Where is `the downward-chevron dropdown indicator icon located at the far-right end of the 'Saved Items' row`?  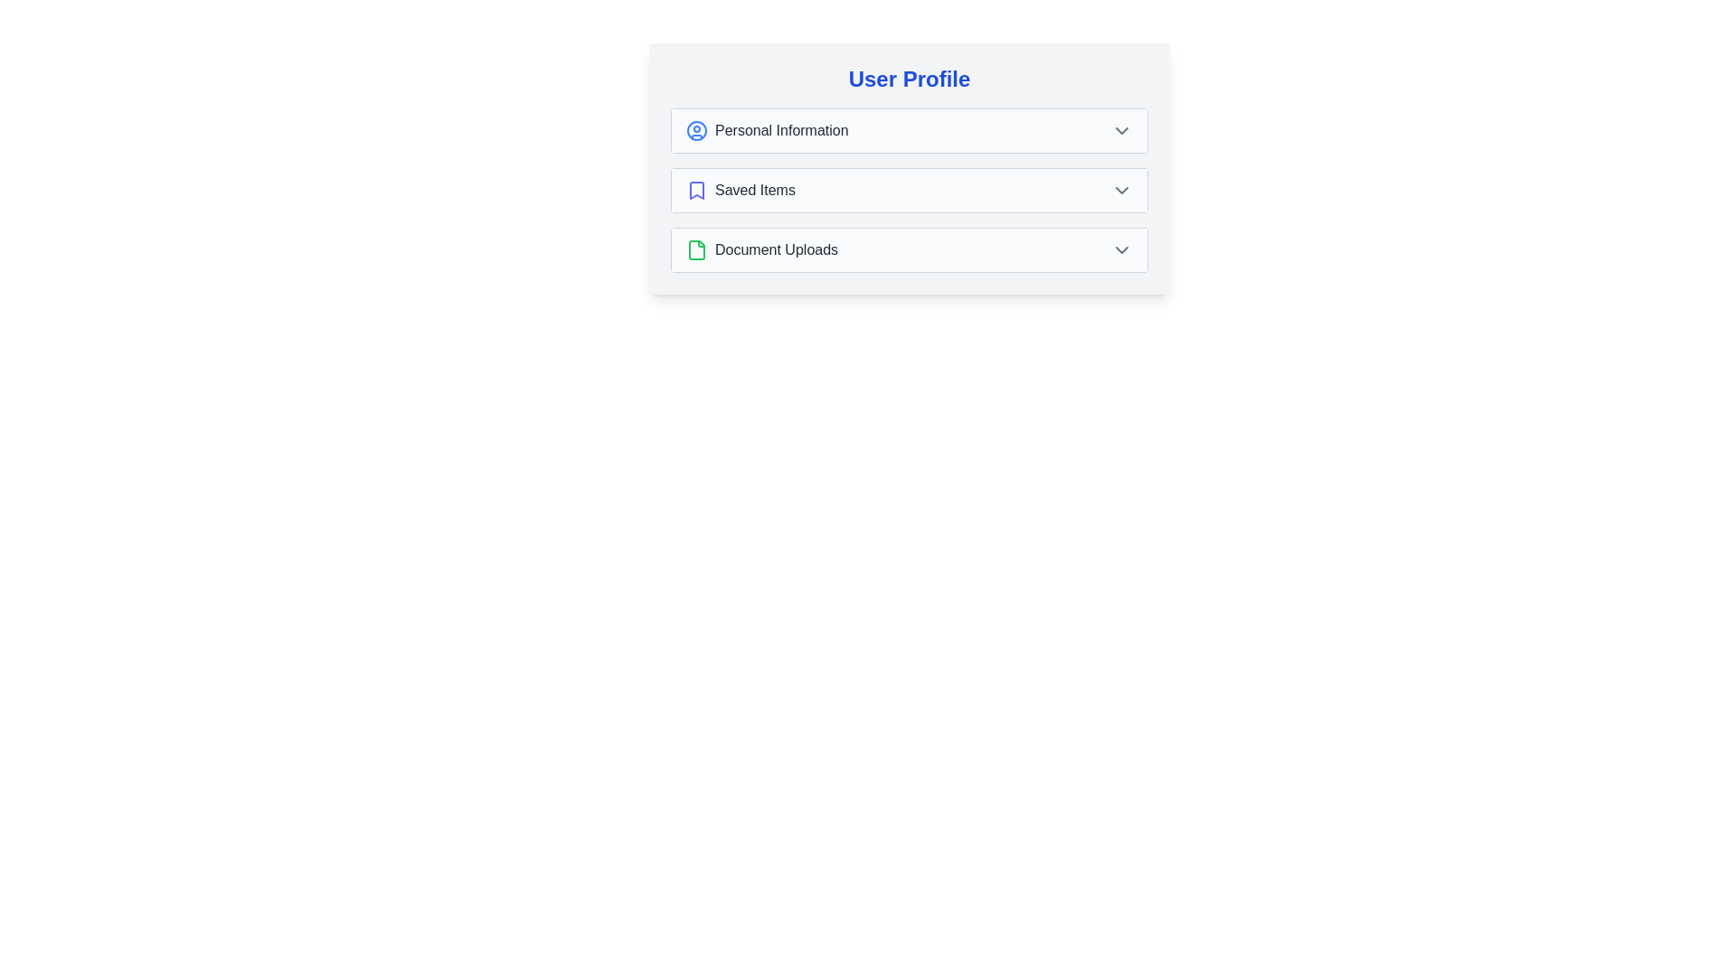 the downward-chevron dropdown indicator icon located at the far-right end of the 'Saved Items' row is located at coordinates (1121, 191).